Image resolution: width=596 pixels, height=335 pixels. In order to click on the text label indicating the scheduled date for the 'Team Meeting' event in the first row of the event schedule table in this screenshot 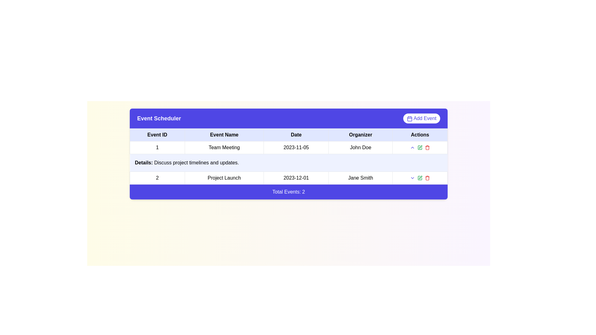, I will do `click(296, 147)`.